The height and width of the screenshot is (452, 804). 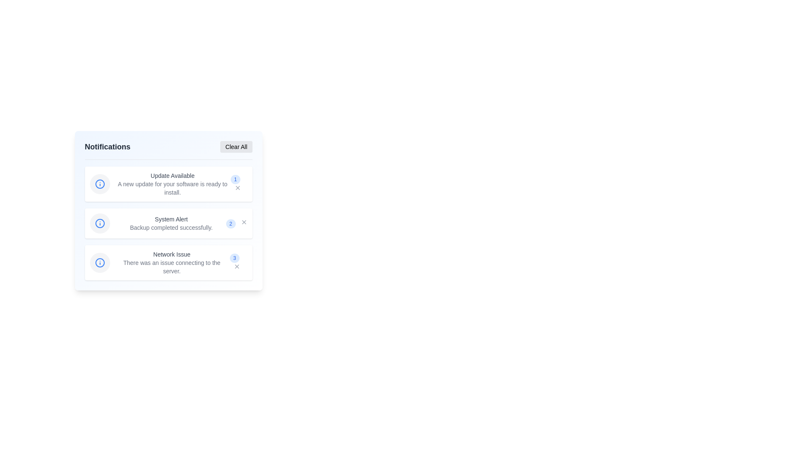 What do you see at coordinates (236, 223) in the screenshot?
I see `numerical content of the Indicator Badge located in the second notification card, positioned to the right of the text description and left of the 'X' close button` at bounding box center [236, 223].